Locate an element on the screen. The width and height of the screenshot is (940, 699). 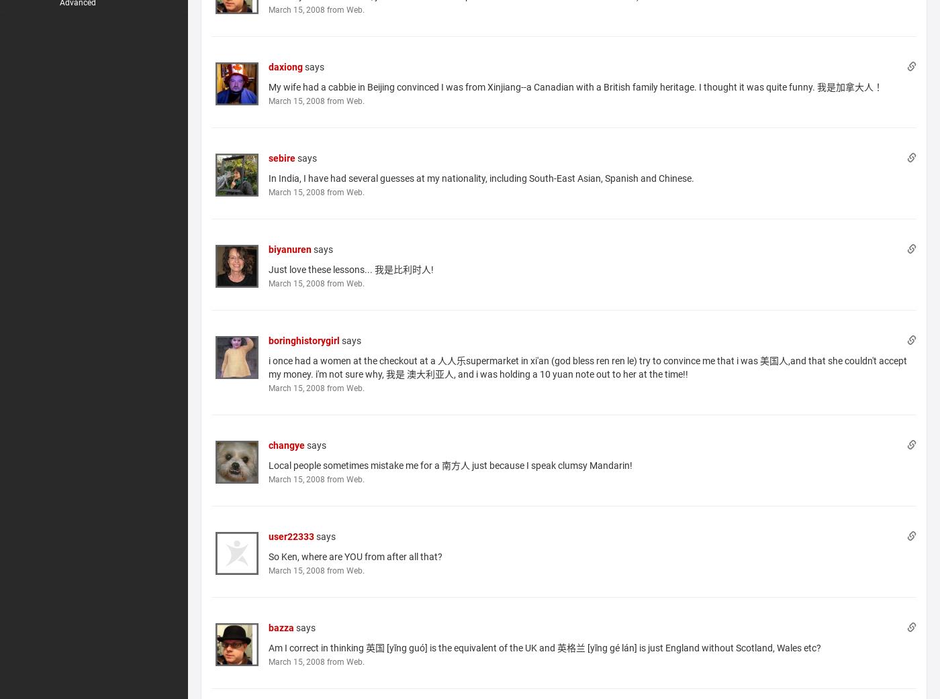
'bazza' is located at coordinates (267, 626).